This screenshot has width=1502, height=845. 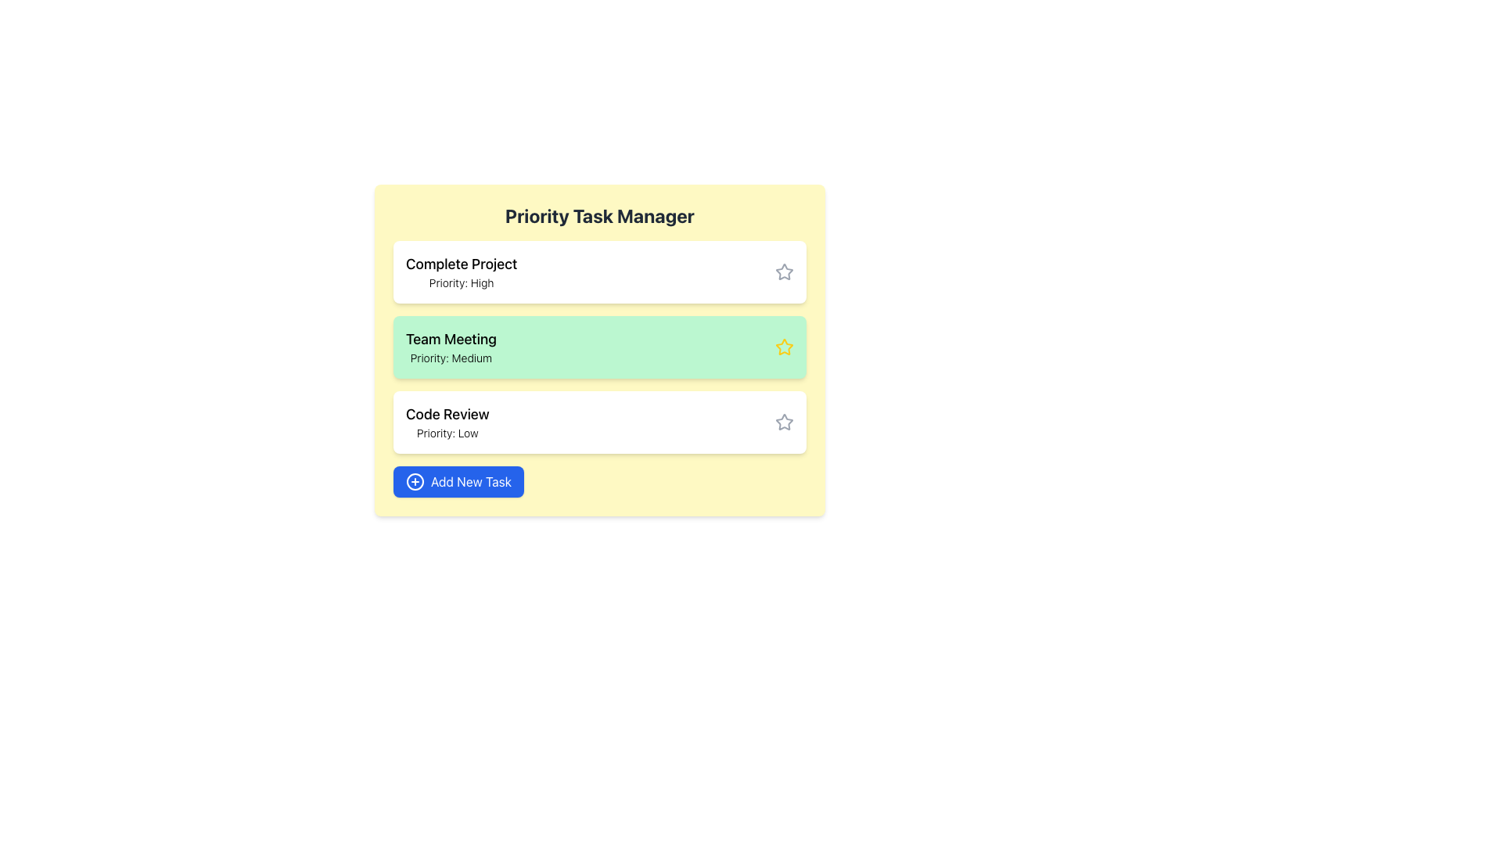 What do you see at coordinates (450, 339) in the screenshot?
I see `the 'Team Meeting' text label, which is displayed in bold and positioned in a green-highlighted area below 'Priority Task Manager'` at bounding box center [450, 339].